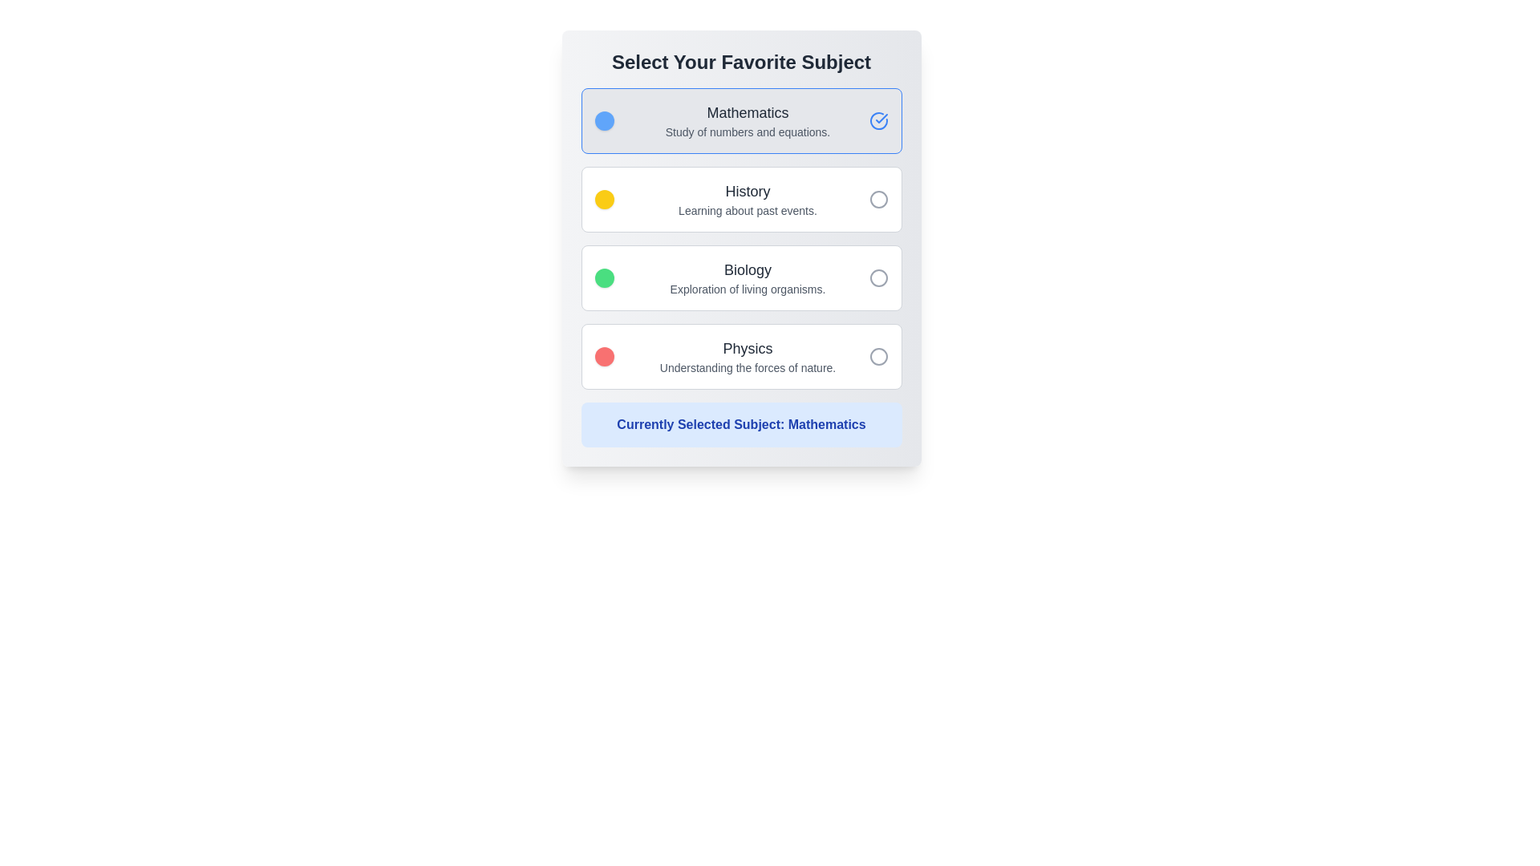 This screenshot has height=866, width=1540. I want to click on the 'Mathematics' selectable card, which is the first card in a vertical list of options, so click(740, 119).